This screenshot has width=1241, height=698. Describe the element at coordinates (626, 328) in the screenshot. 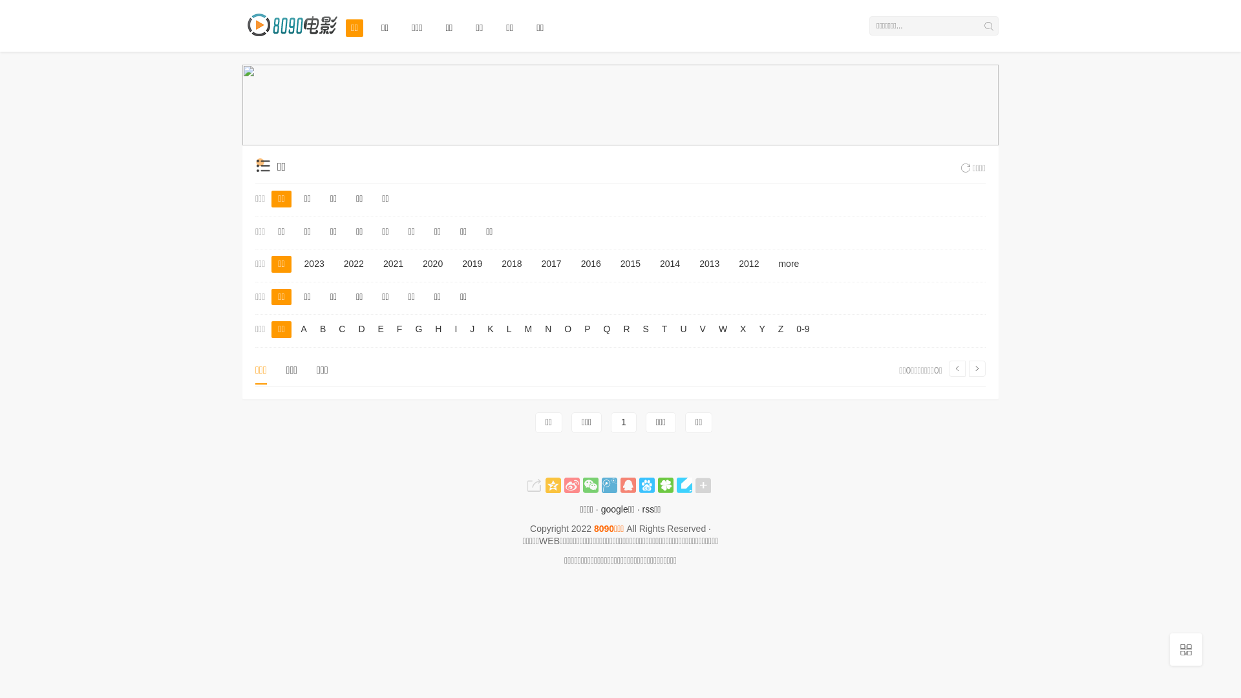

I see `'R'` at that location.